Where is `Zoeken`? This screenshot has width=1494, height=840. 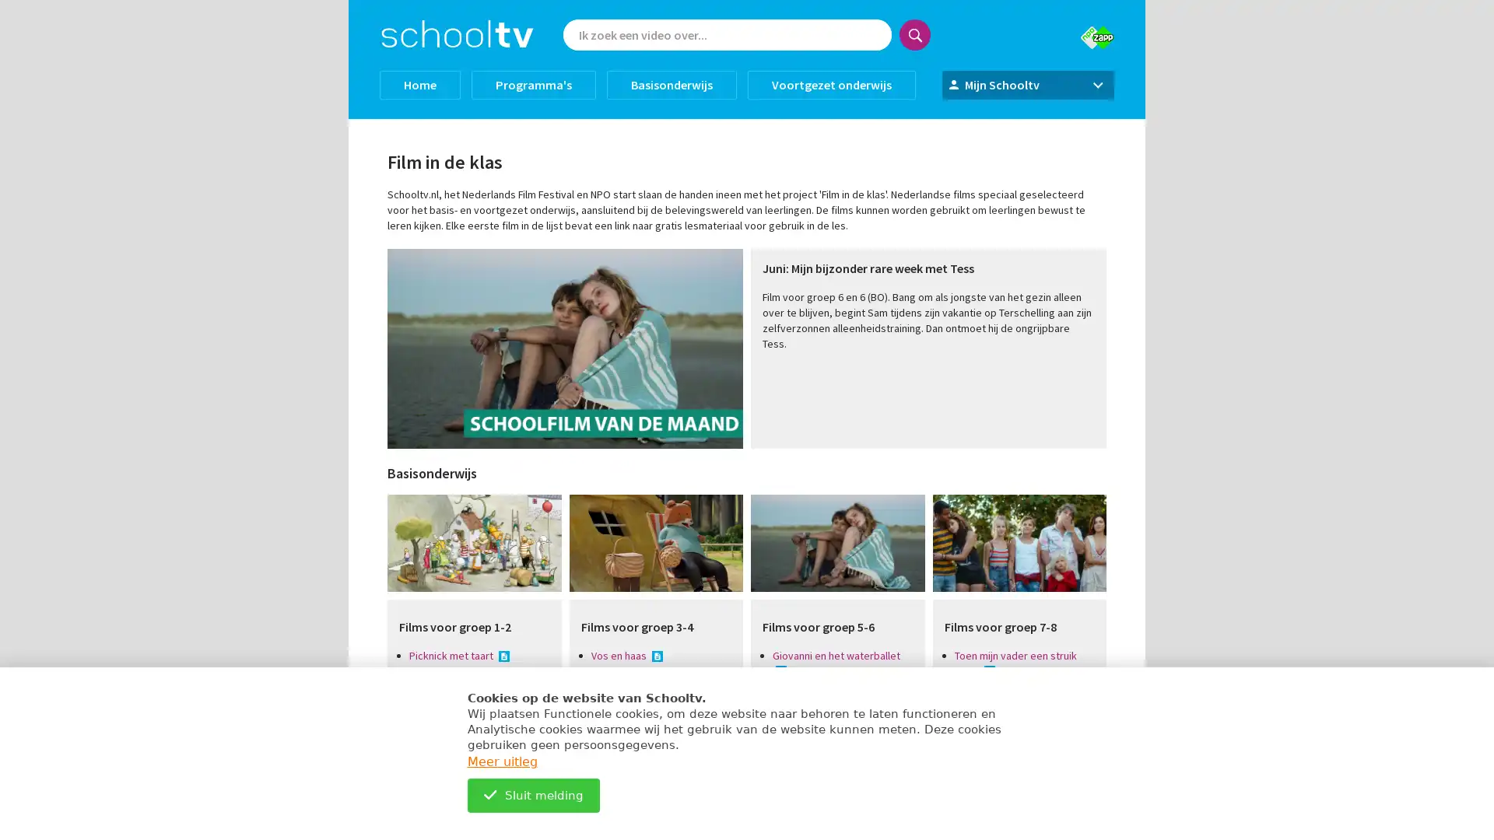 Zoeken is located at coordinates (915, 35).